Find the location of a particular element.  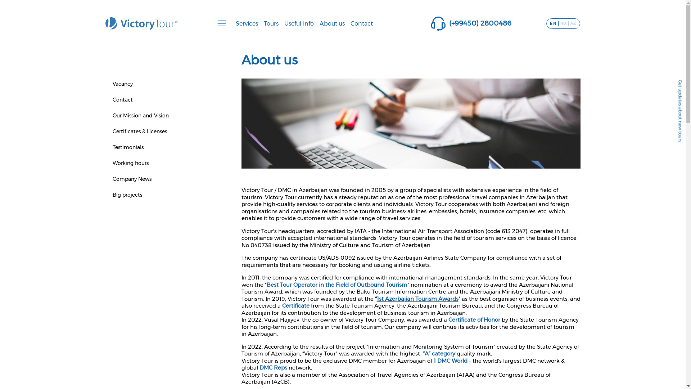

'AZ' is located at coordinates (573, 23).